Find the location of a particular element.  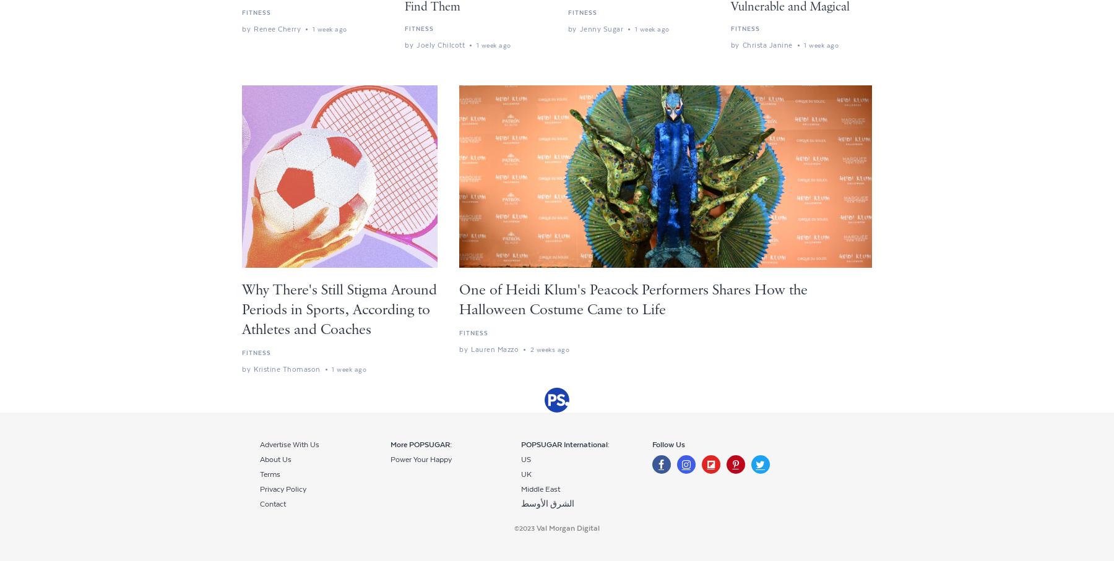

'Contact' is located at coordinates (259, 504).